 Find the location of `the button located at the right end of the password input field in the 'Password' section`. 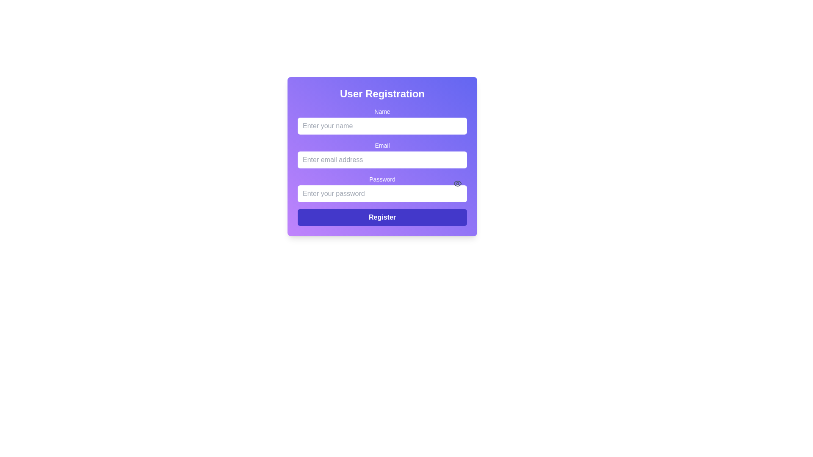

the button located at the right end of the password input field in the 'Password' section is located at coordinates (457, 183).